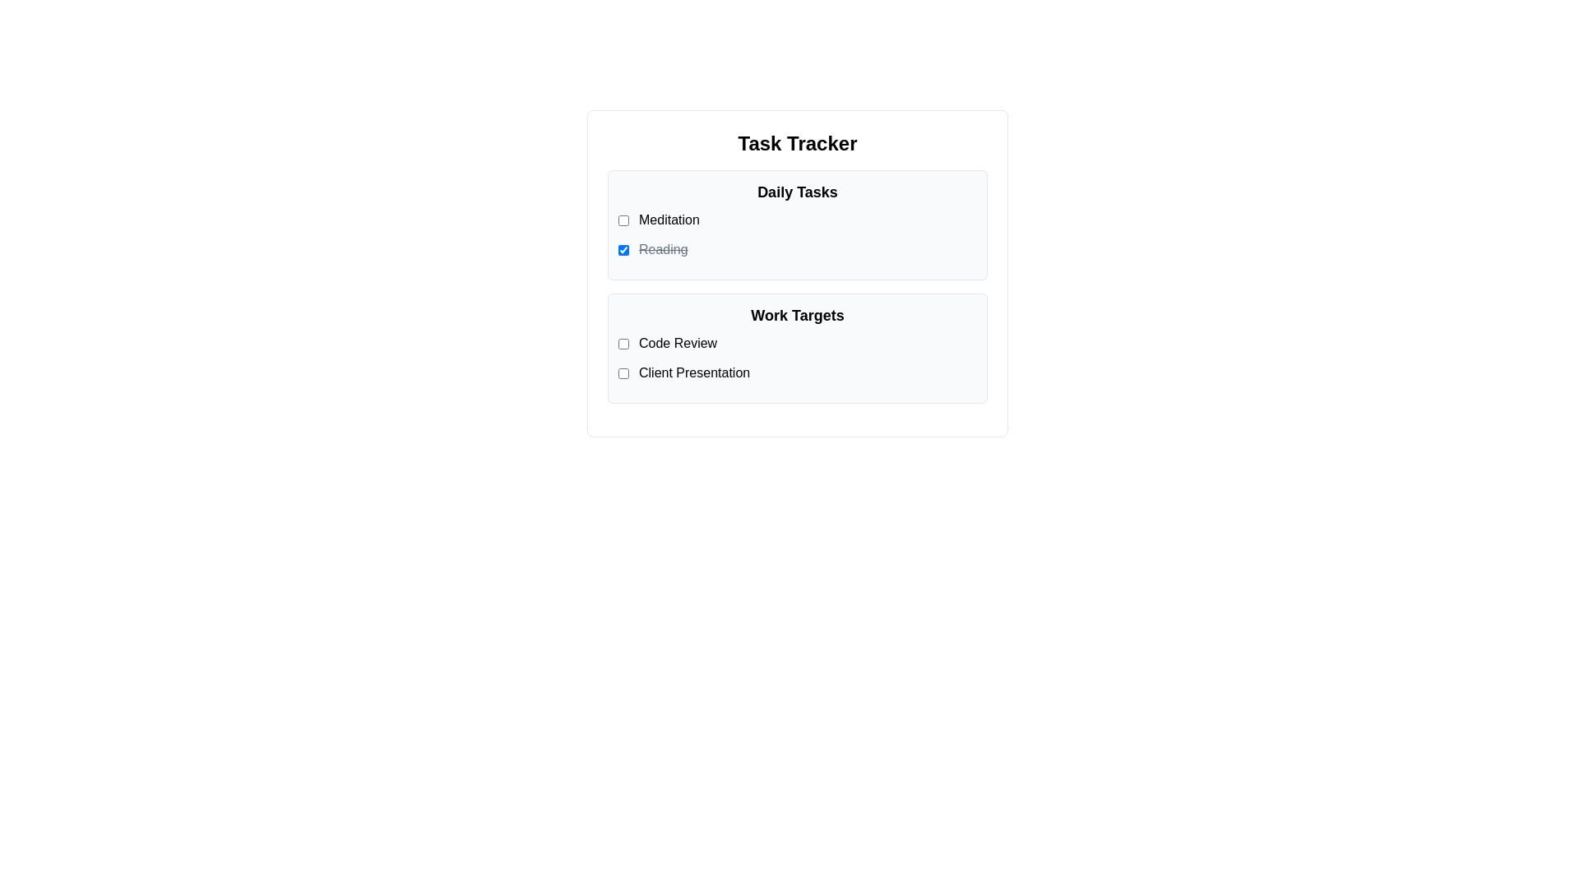 The height and width of the screenshot is (888, 1579). What do you see at coordinates (623, 219) in the screenshot?
I see `the checkbox for the 'Meditation' task item located` at bounding box center [623, 219].